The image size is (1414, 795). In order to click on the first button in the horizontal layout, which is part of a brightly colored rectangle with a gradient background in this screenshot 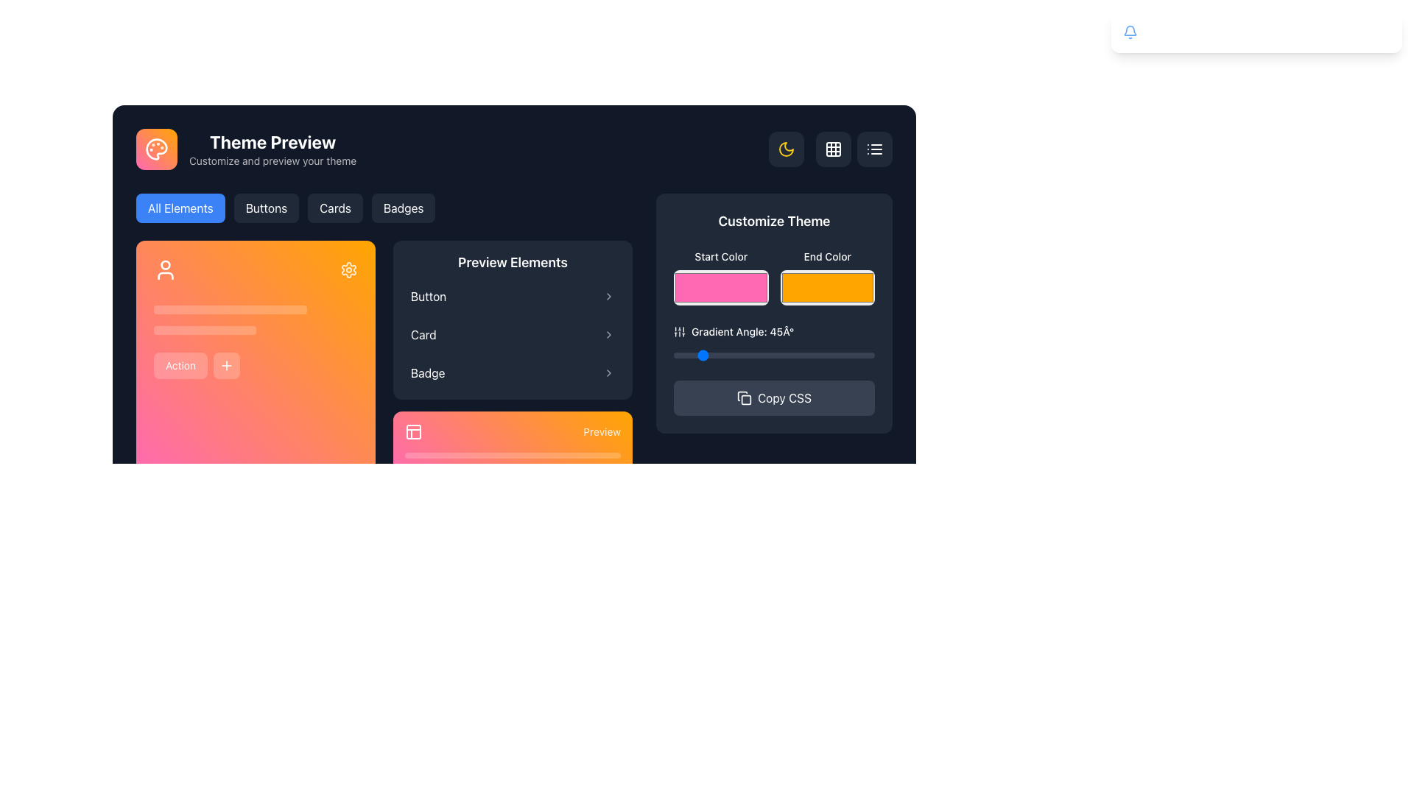, I will do `click(180, 365)`.